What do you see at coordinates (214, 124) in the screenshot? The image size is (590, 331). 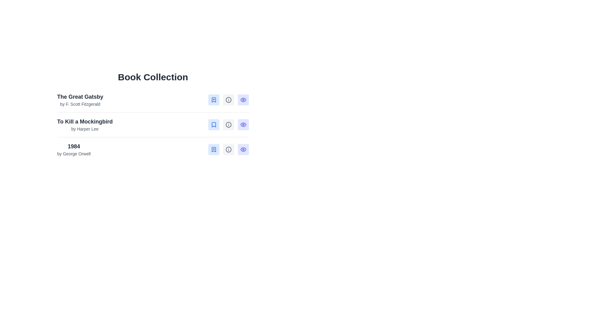 I see `the stylized bookmark icon with a blue outline for the book 'To Kill a Mockingbird'` at bounding box center [214, 124].